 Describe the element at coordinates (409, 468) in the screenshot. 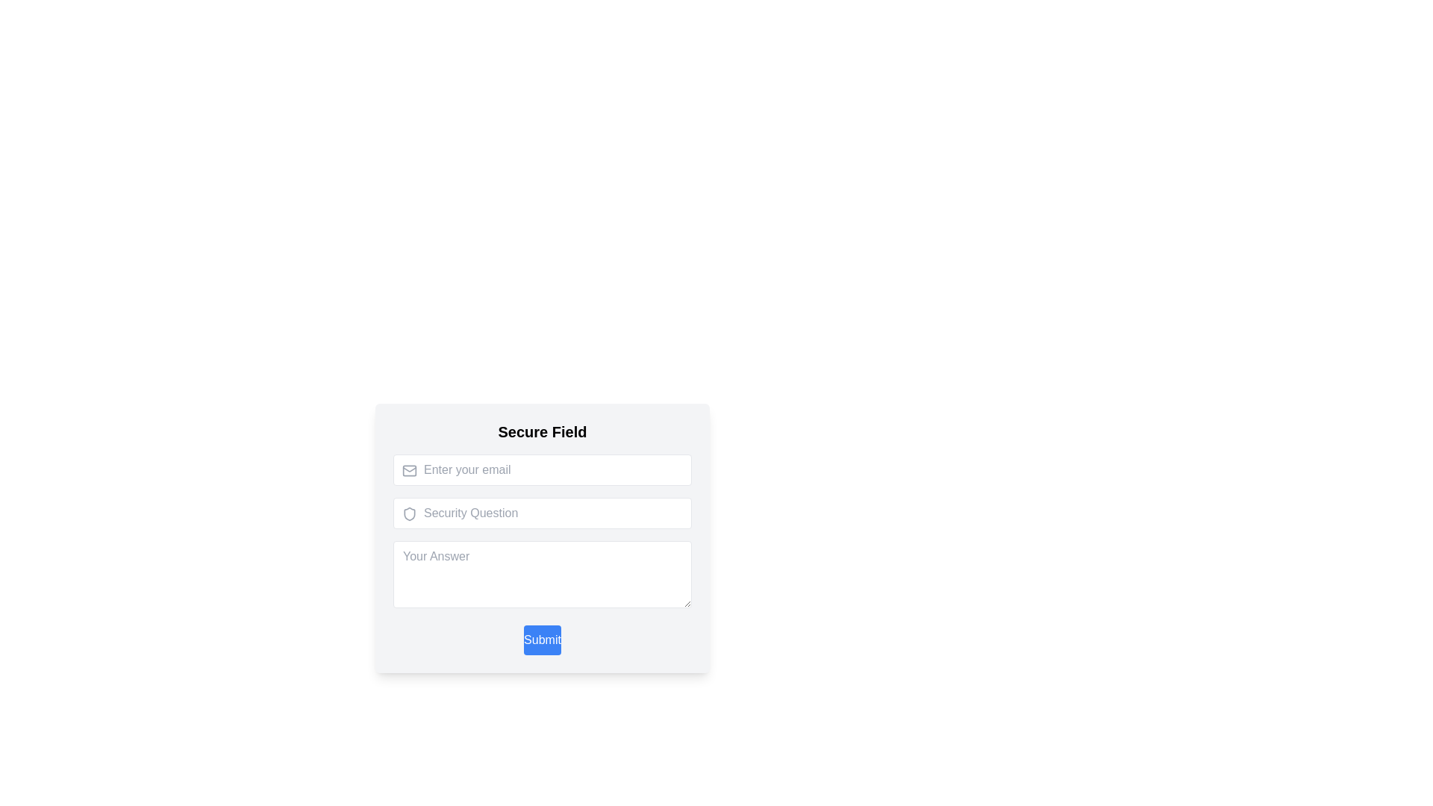

I see `the envelope icon within the SVG graphics element, which is located to the left side of the 'Enter your email' input field in the 'Secure Field' form` at that location.